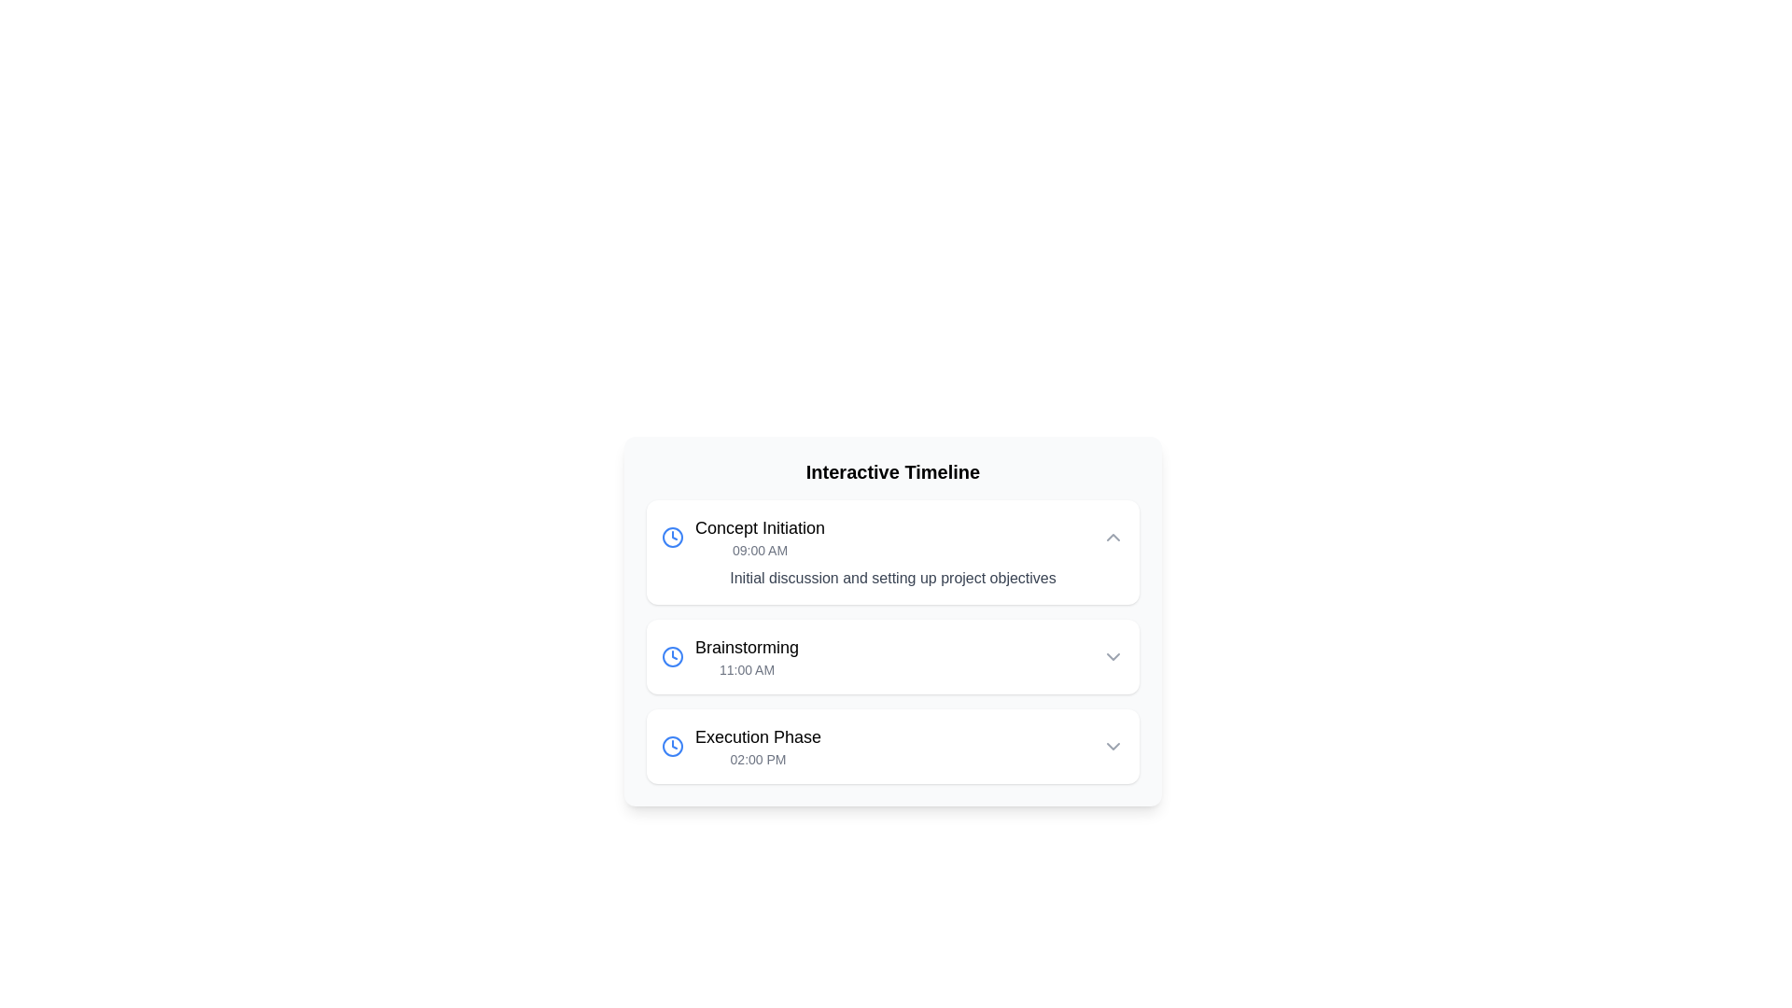 The height and width of the screenshot is (1008, 1792). I want to click on the informational text block displaying 'Execution Phase' with the time '02:00 PM', which is the third entry in the vertical timeline, so click(758, 745).